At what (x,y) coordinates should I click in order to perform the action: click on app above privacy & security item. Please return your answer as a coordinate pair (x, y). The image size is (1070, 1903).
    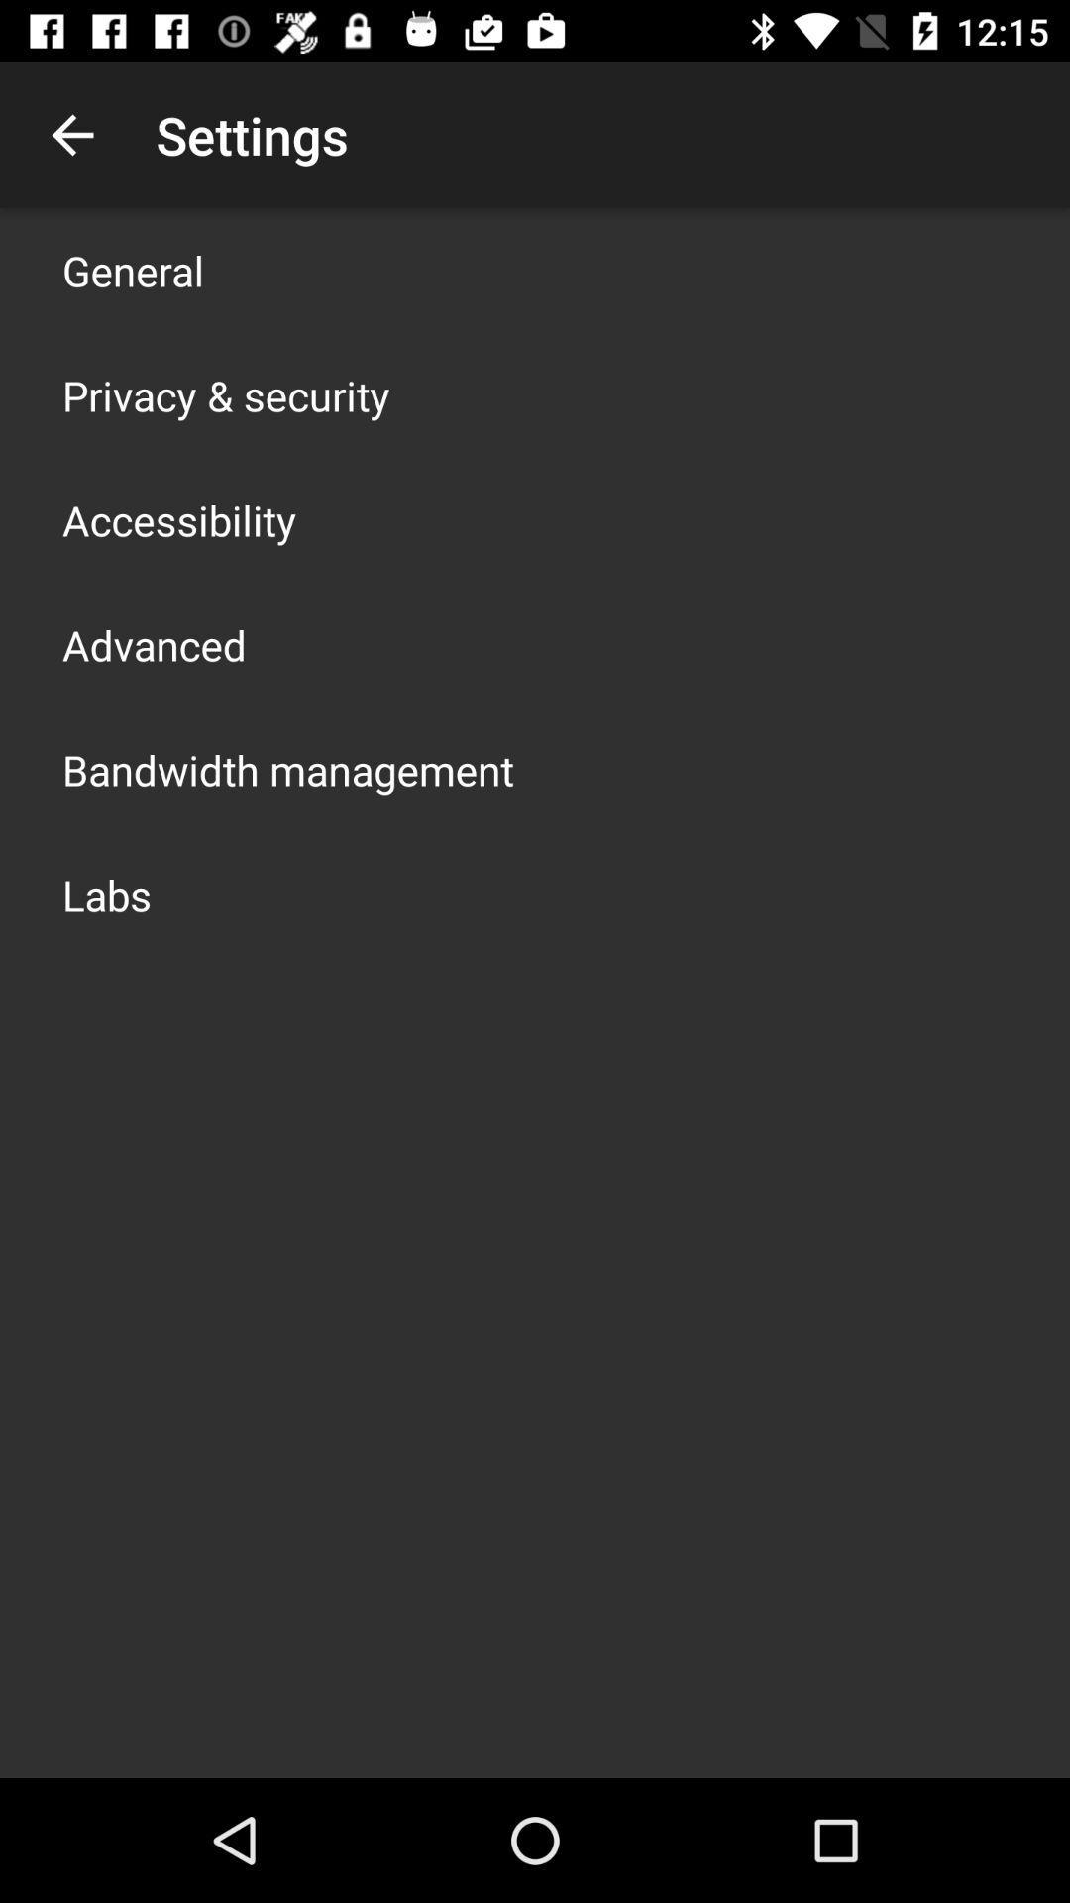
    Looking at the image, I should click on (133, 270).